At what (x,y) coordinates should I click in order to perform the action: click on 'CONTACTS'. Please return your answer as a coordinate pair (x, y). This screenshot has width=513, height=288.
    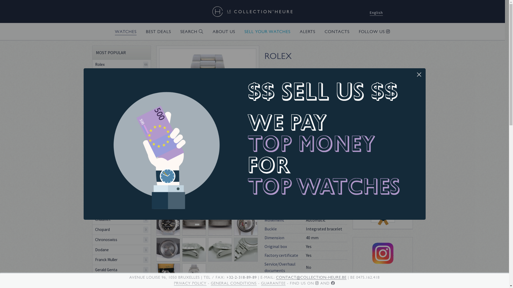
    Looking at the image, I should click on (337, 32).